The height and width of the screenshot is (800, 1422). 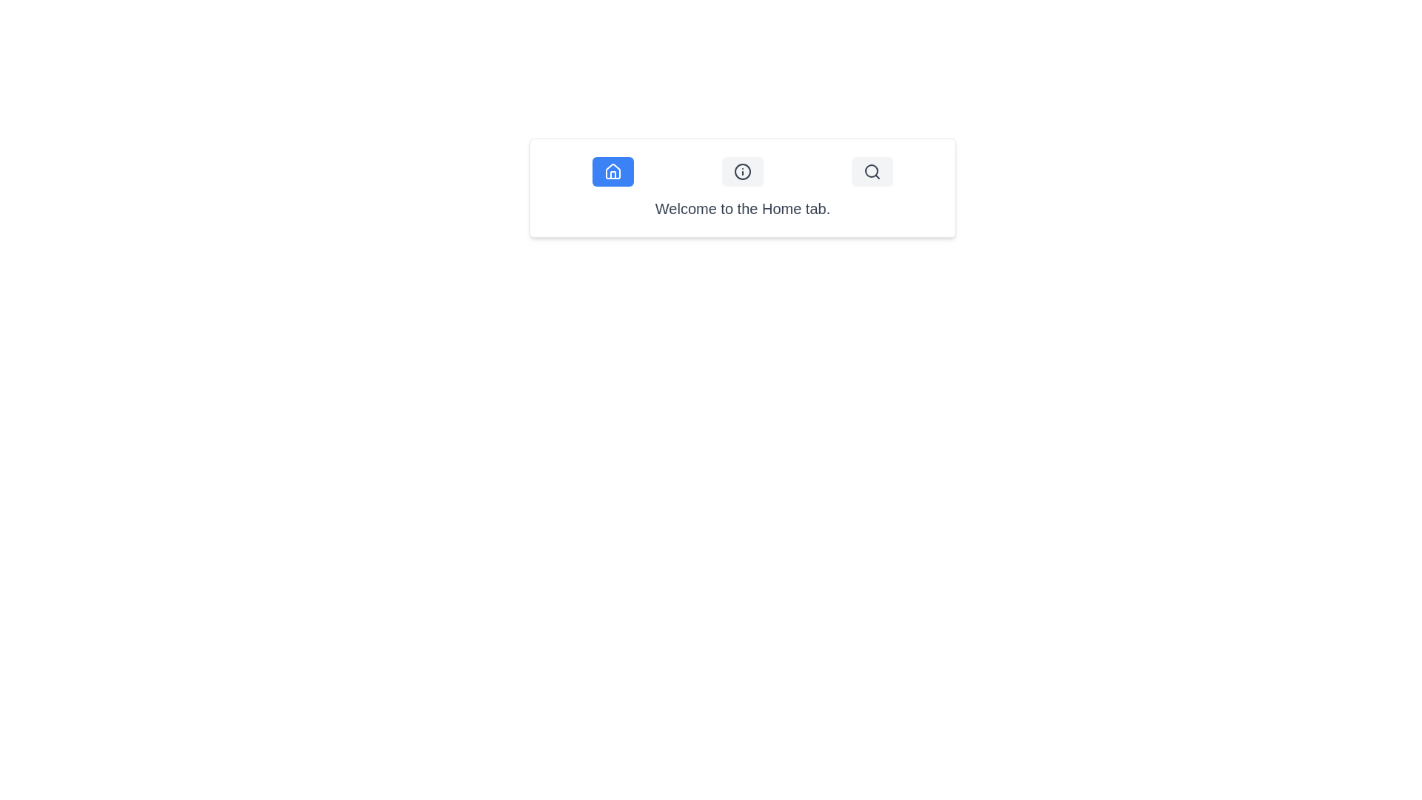 What do you see at coordinates (612, 170) in the screenshot?
I see `the leftmost button in the horizontal row of buttons` at bounding box center [612, 170].